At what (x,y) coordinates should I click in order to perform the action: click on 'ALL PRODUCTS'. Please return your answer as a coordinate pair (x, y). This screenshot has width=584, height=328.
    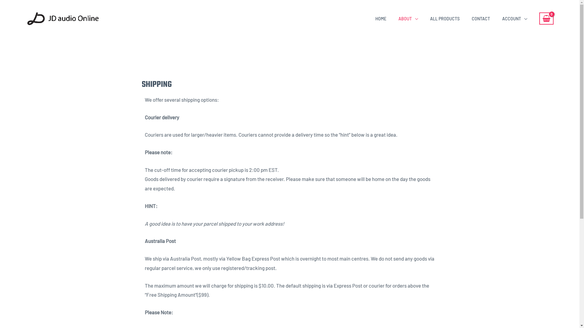
    Looking at the image, I should click on (445, 18).